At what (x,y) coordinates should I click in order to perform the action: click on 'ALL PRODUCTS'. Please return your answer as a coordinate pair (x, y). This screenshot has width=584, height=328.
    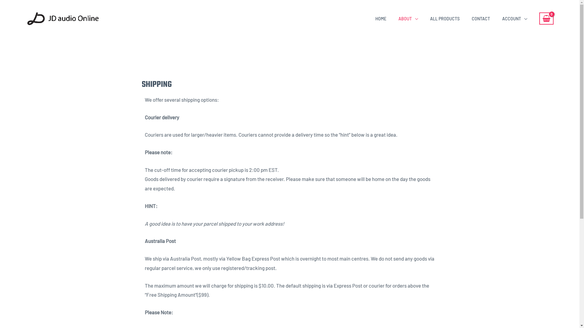
    Looking at the image, I should click on (445, 18).